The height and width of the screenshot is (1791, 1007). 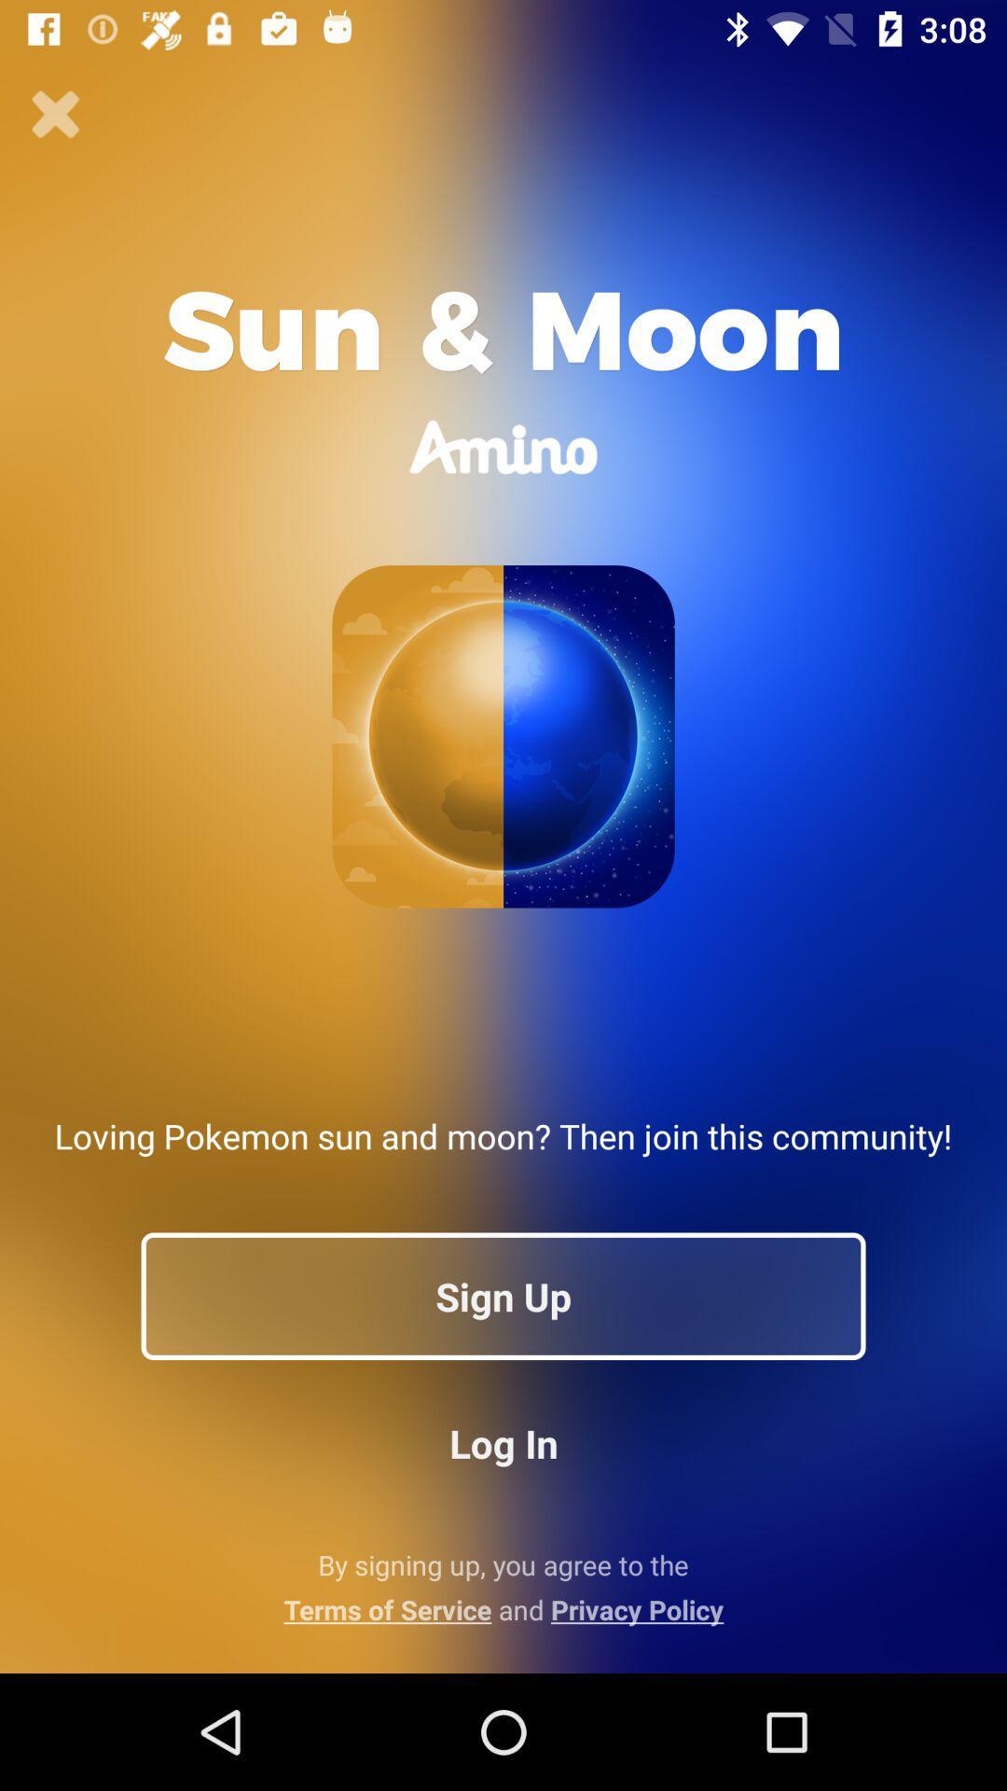 What do you see at coordinates (504, 1608) in the screenshot?
I see `the terms of service icon` at bounding box center [504, 1608].